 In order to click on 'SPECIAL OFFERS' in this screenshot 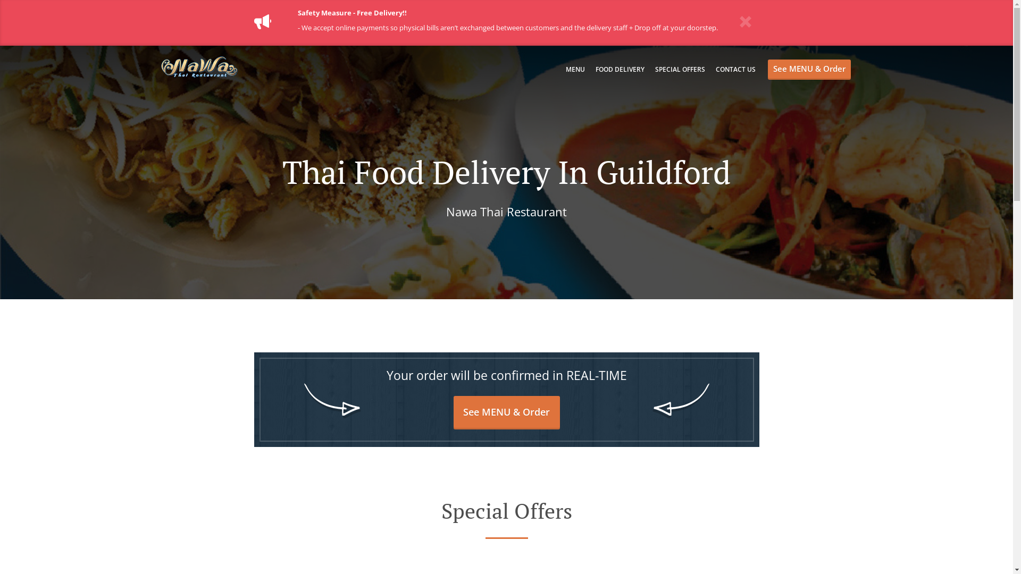, I will do `click(679, 69)`.